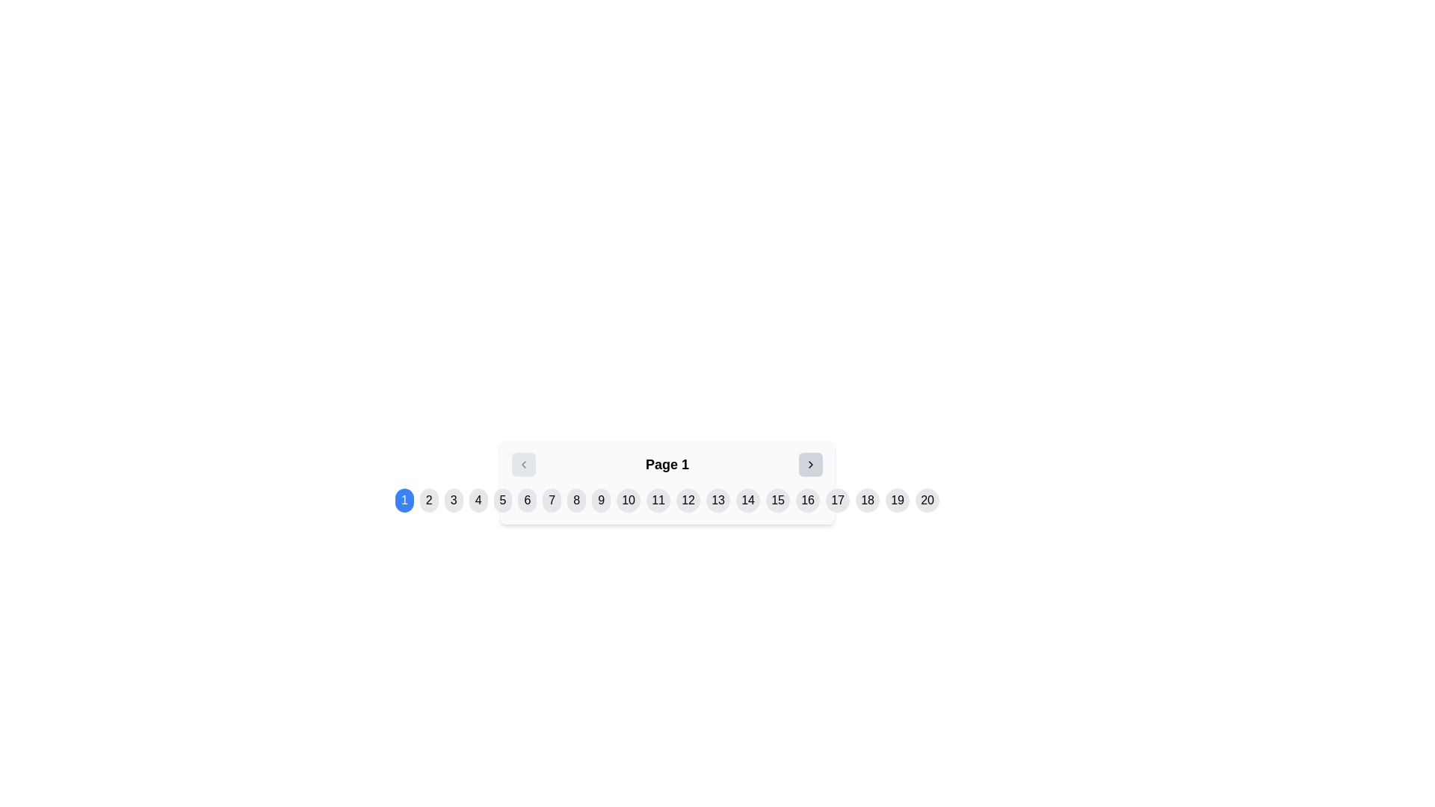 Image resolution: width=1435 pixels, height=807 pixels. Describe the element at coordinates (404, 501) in the screenshot. I see `the first button in the pagination bar` at that location.